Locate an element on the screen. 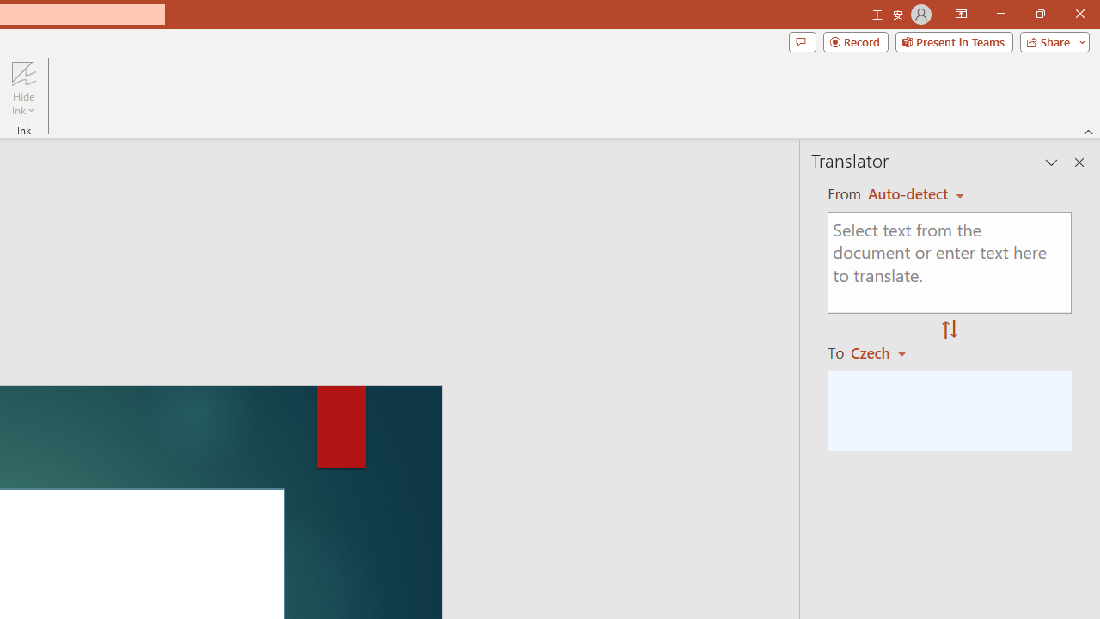 This screenshot has height=619, width=1100. 'Task Pane Options' is located at coordinates (1051, 162).